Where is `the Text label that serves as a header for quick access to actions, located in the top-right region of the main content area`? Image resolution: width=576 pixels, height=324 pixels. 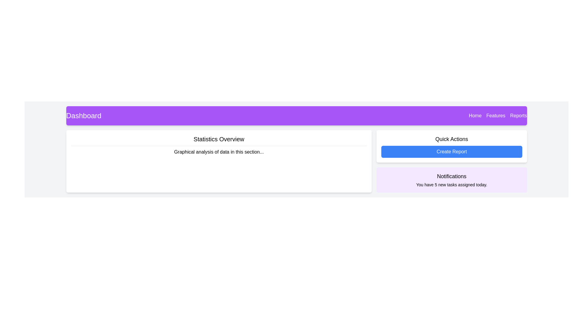 the Text label that serves as a header for quick access to actions, located in the top-right region of the main content area is located at coordinates (451, 139).